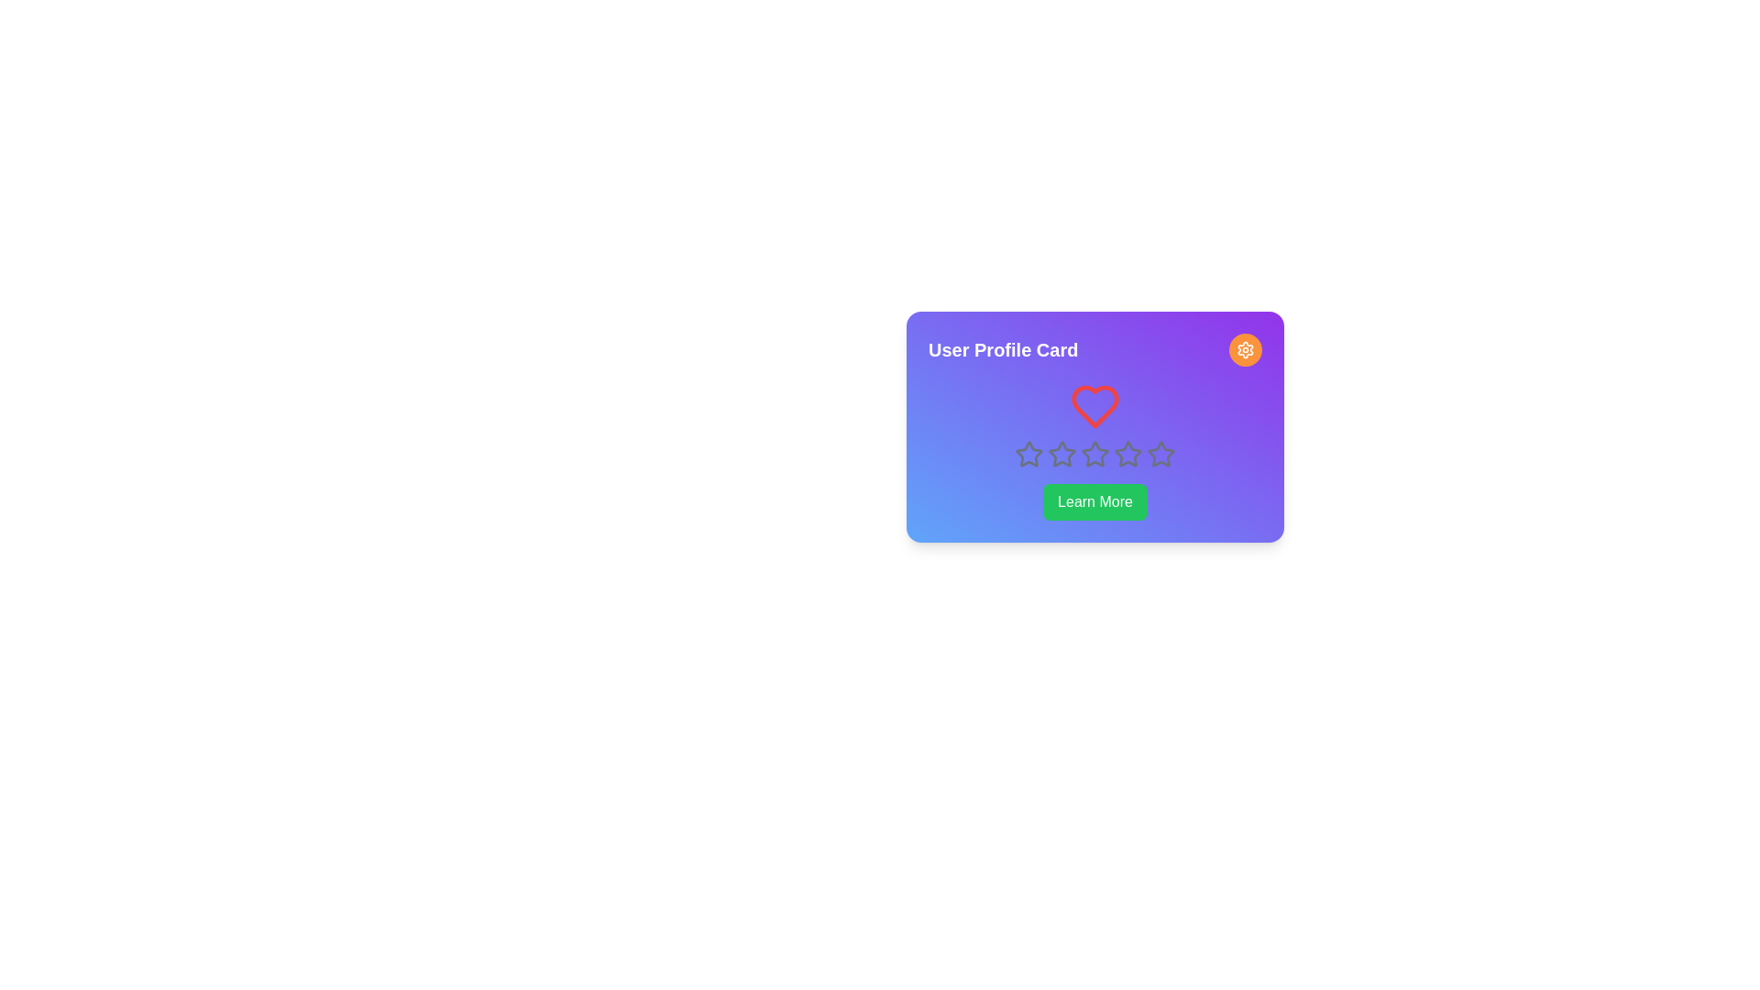  I want to click on the heart icon within the icon group (heart with stars) located on the user profile card, which is centered between the title 'User Profile Card' and the 'Learn More' button, so click(1095, 424).